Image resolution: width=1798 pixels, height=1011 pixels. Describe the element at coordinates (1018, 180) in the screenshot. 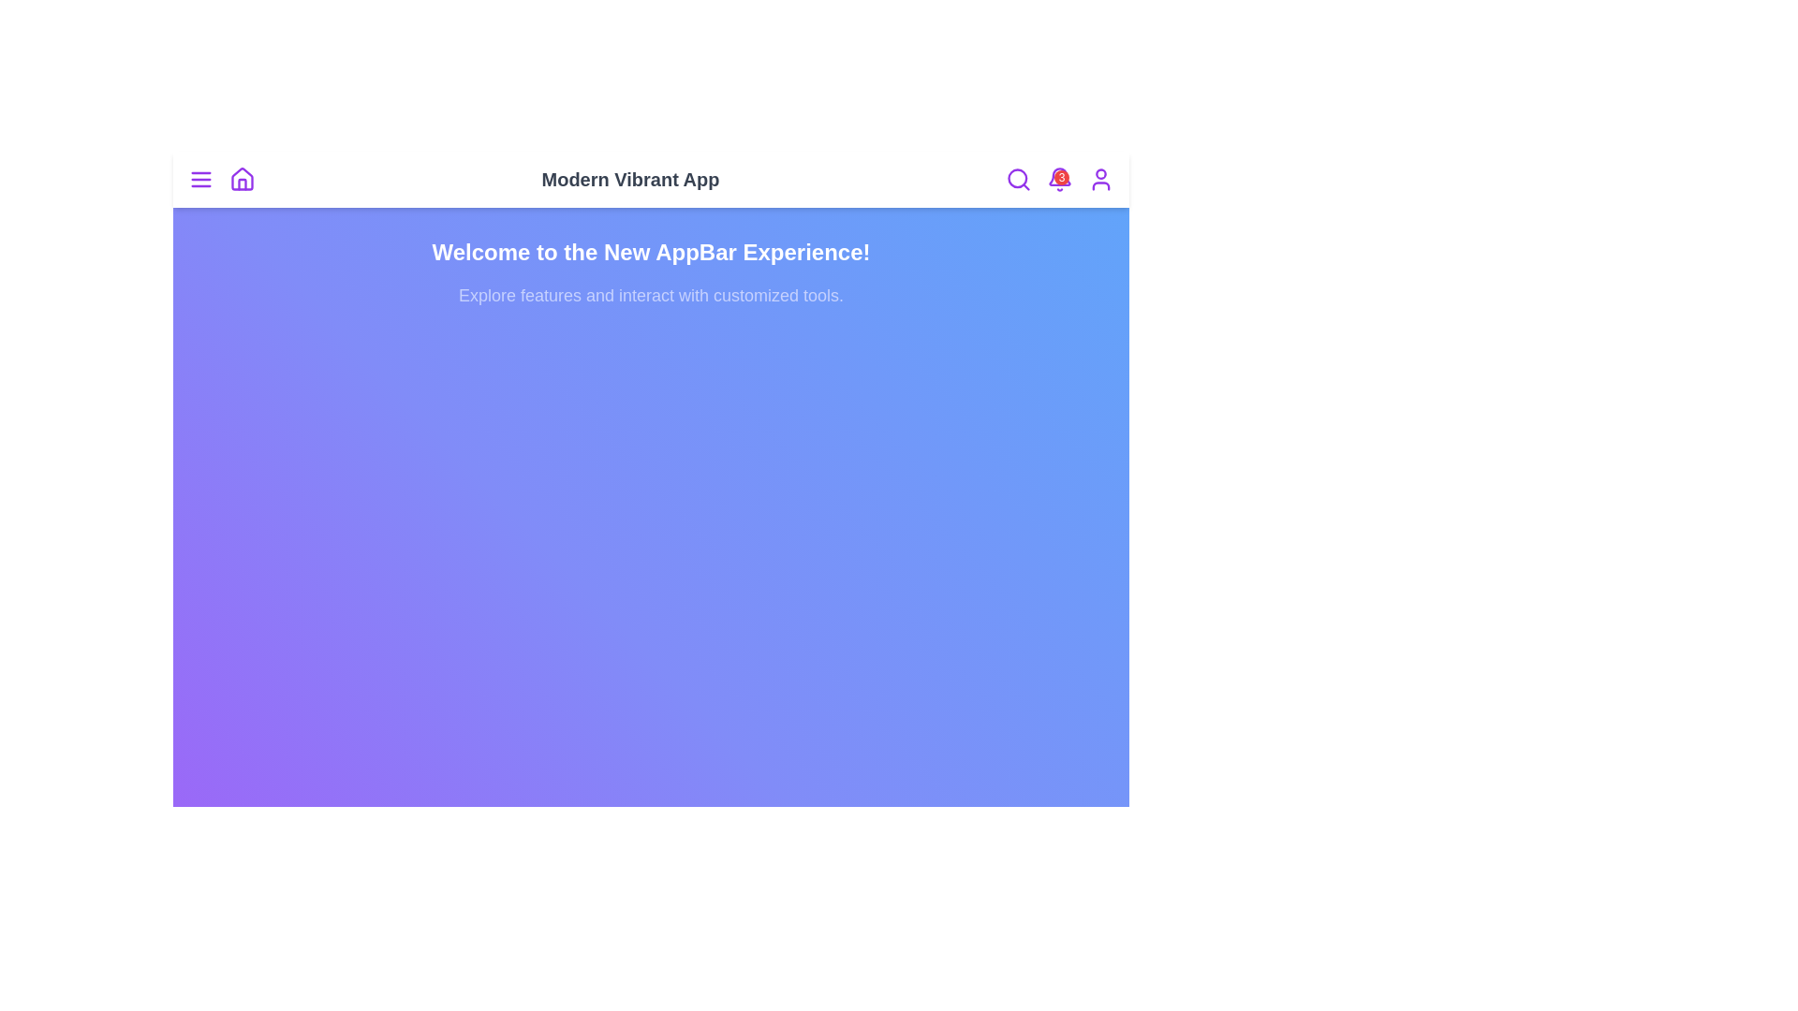

I see `the search icon in the header` at that location.